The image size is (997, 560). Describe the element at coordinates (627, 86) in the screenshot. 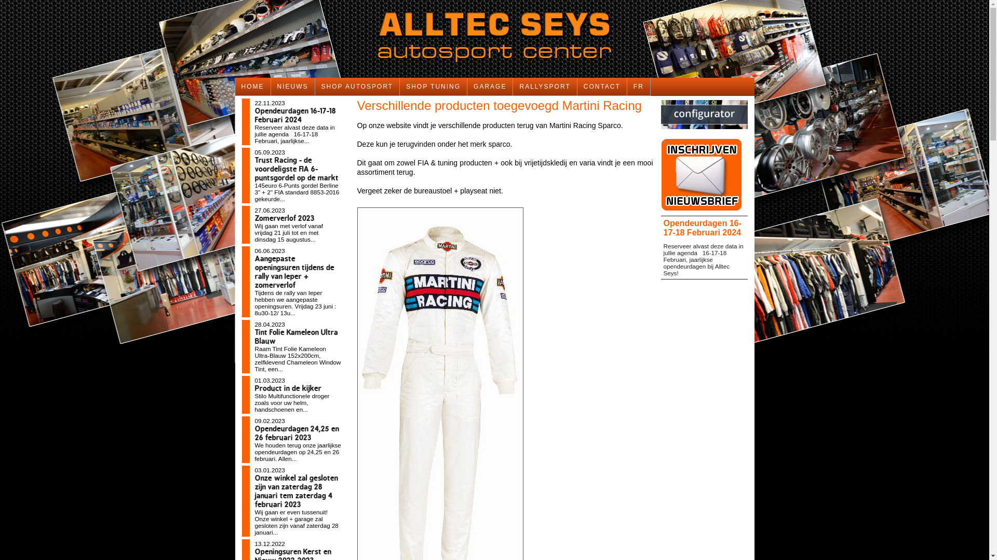

I see `'FR'` at that location.